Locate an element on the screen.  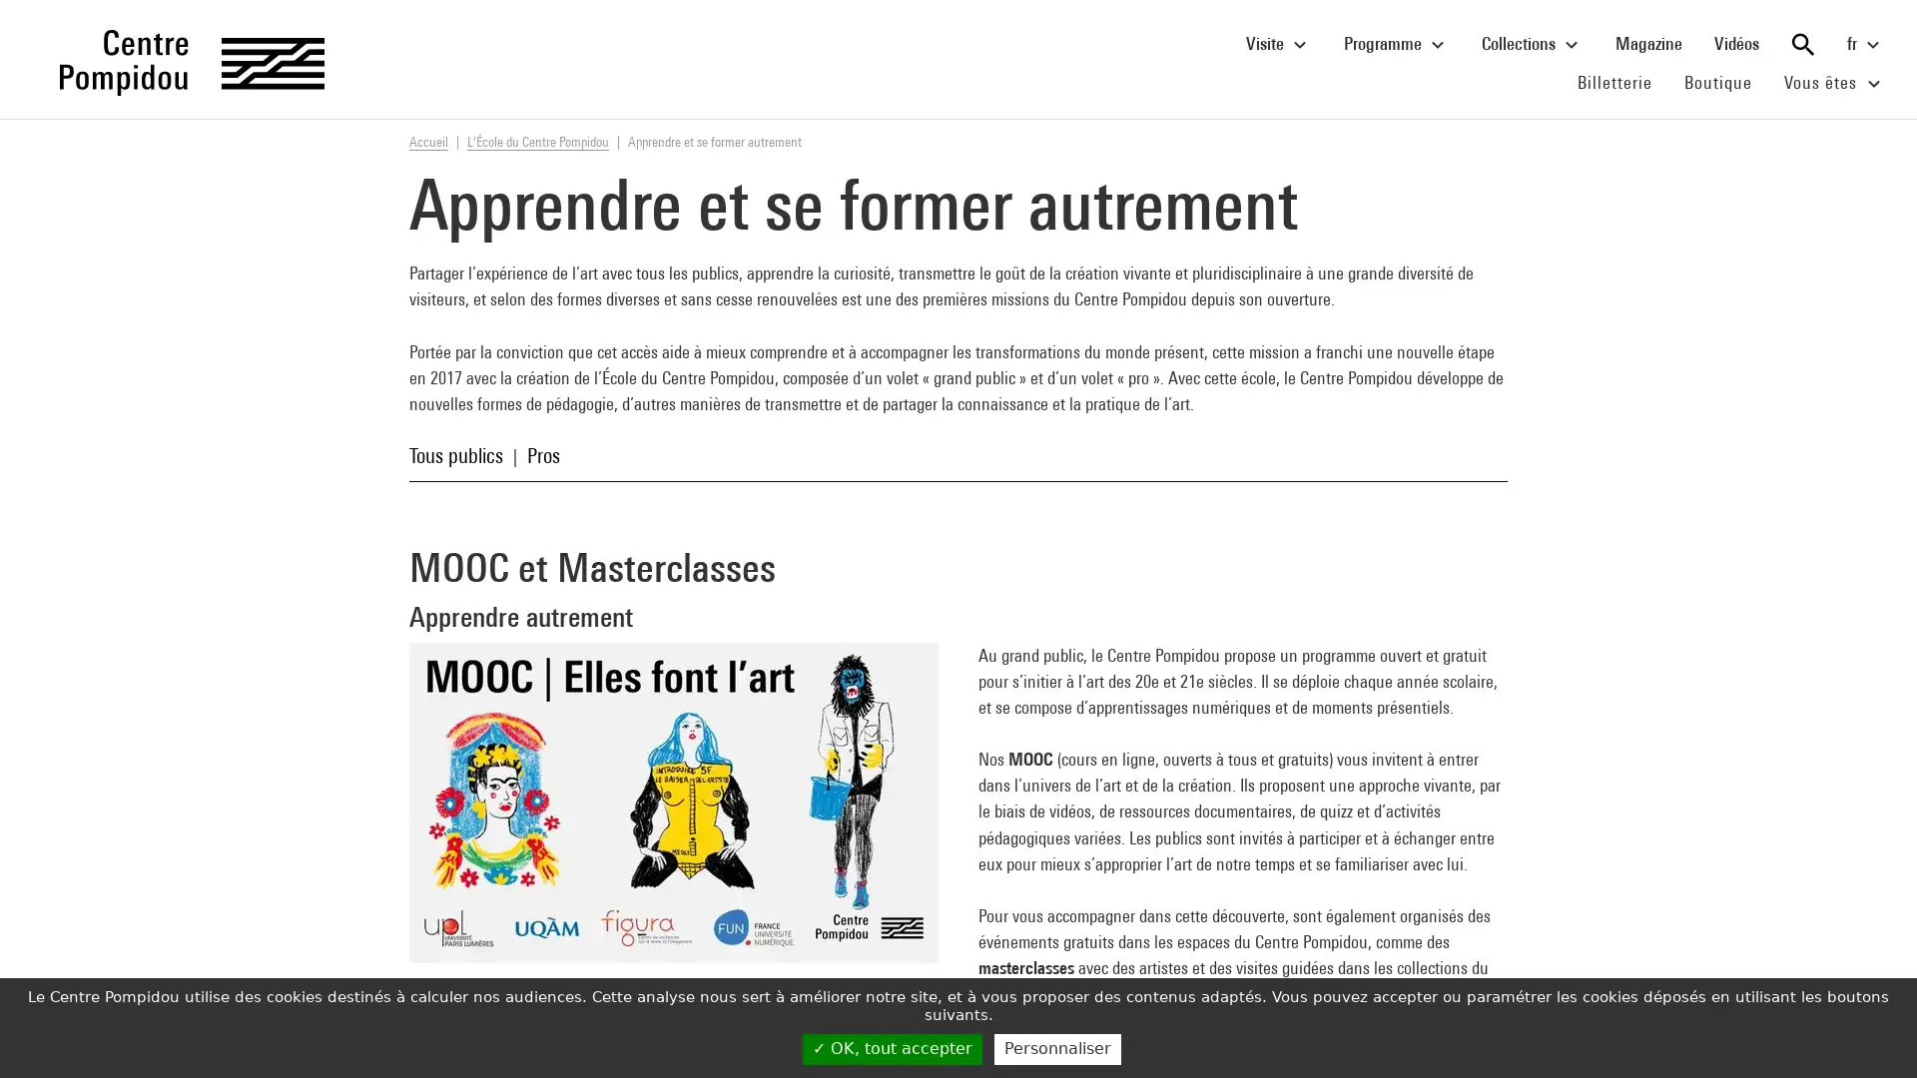
Personnaliser is located at coordinates (1056, 1048).